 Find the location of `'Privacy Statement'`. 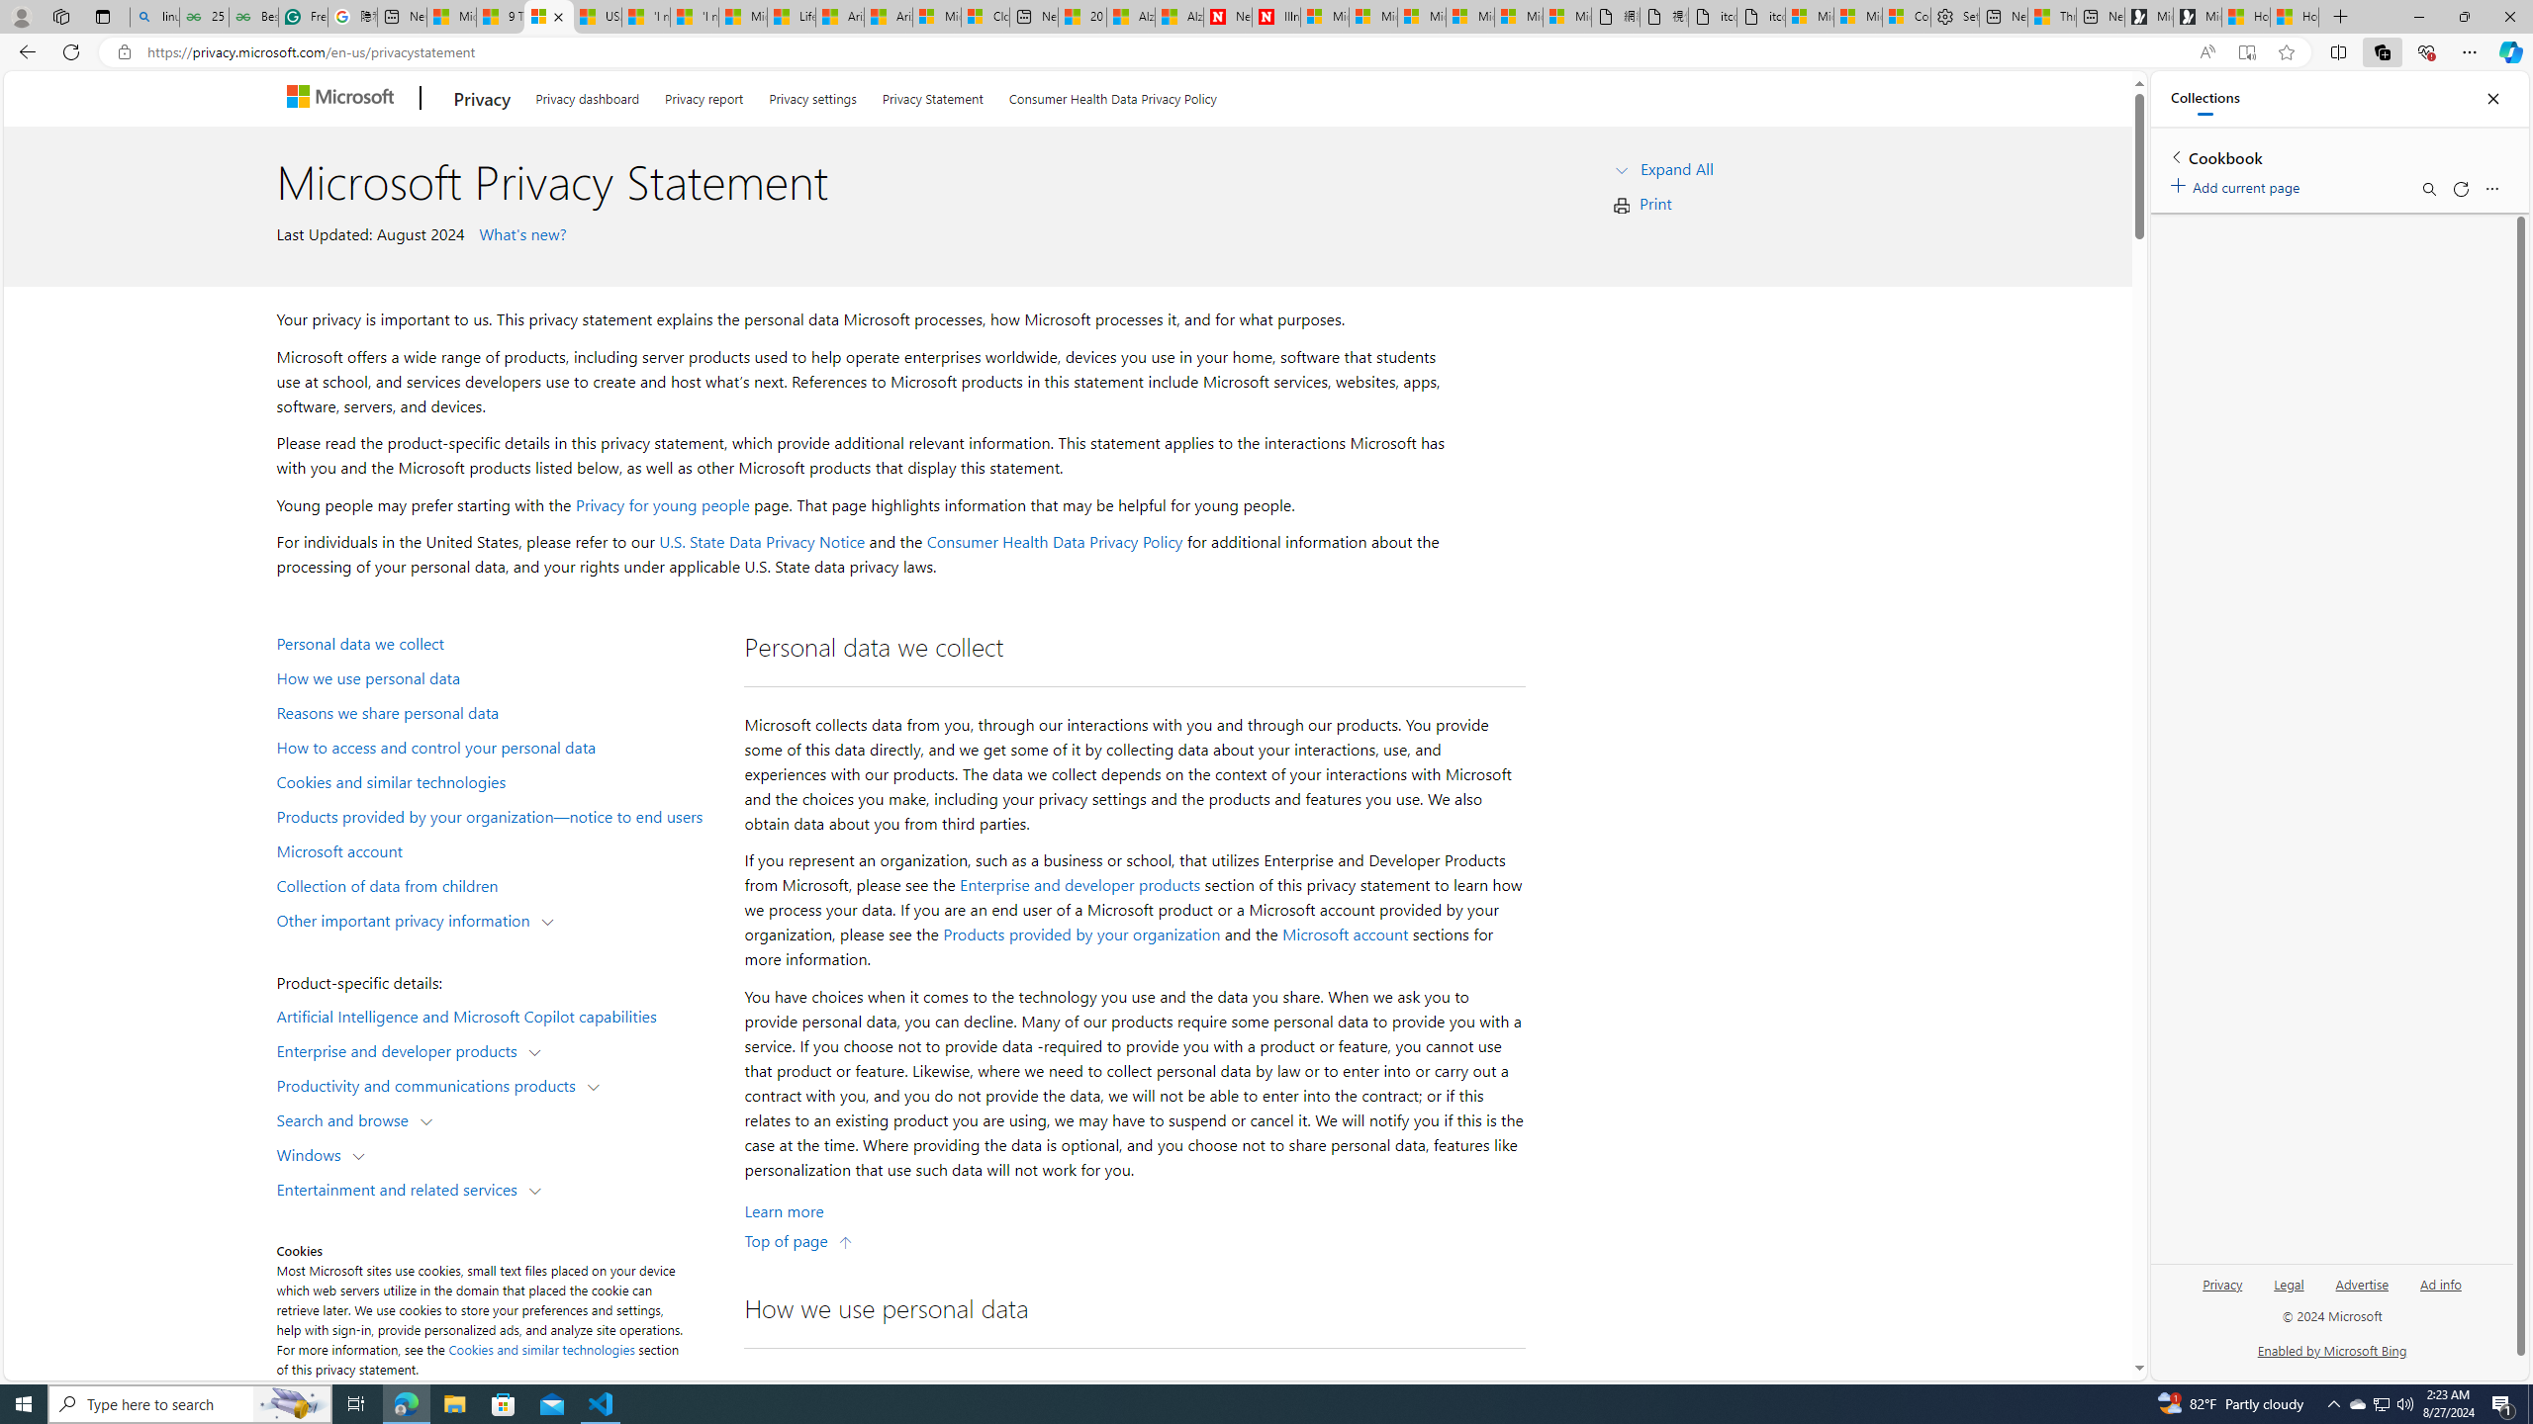

'Privacy Statement' is located at coordinates (932, 95).